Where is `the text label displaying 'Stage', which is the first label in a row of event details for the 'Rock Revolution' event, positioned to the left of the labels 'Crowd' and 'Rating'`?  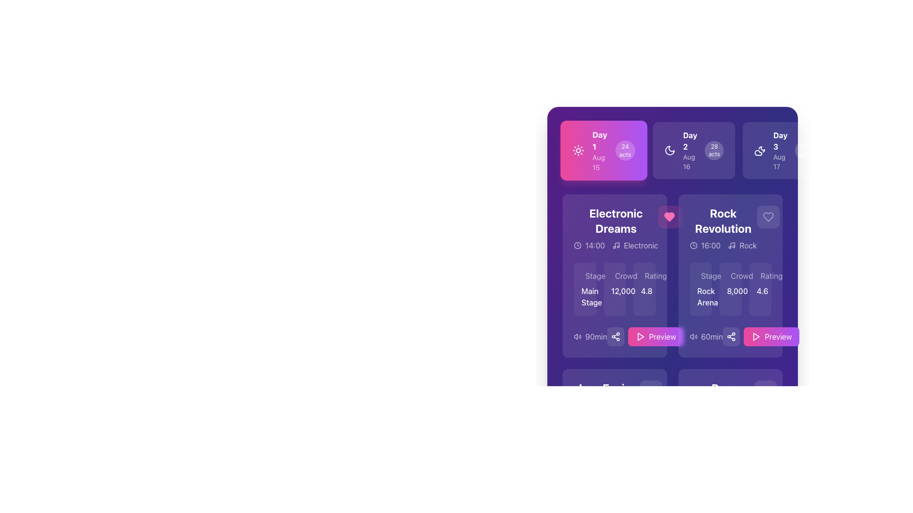 the text label displaying 'Stage', which is the first label in a row of event details for the 'Rock Revolution' event, positioned to the left of the labels 'Crowd' and 'Rating' is located at coordinates (711, 276).